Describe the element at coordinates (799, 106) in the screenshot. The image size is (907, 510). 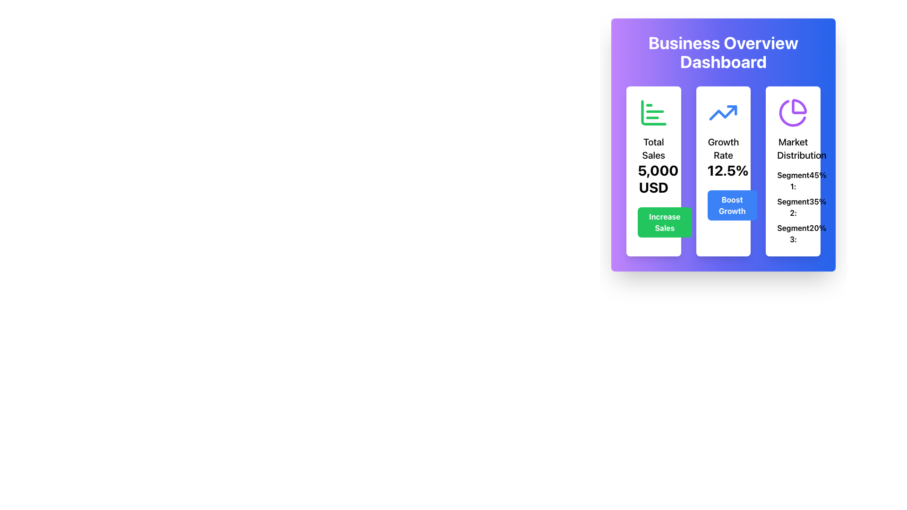
I see `the decorative pie chart slice in the Market Distribution section located in the rightmost column of the dashboard` at that location.